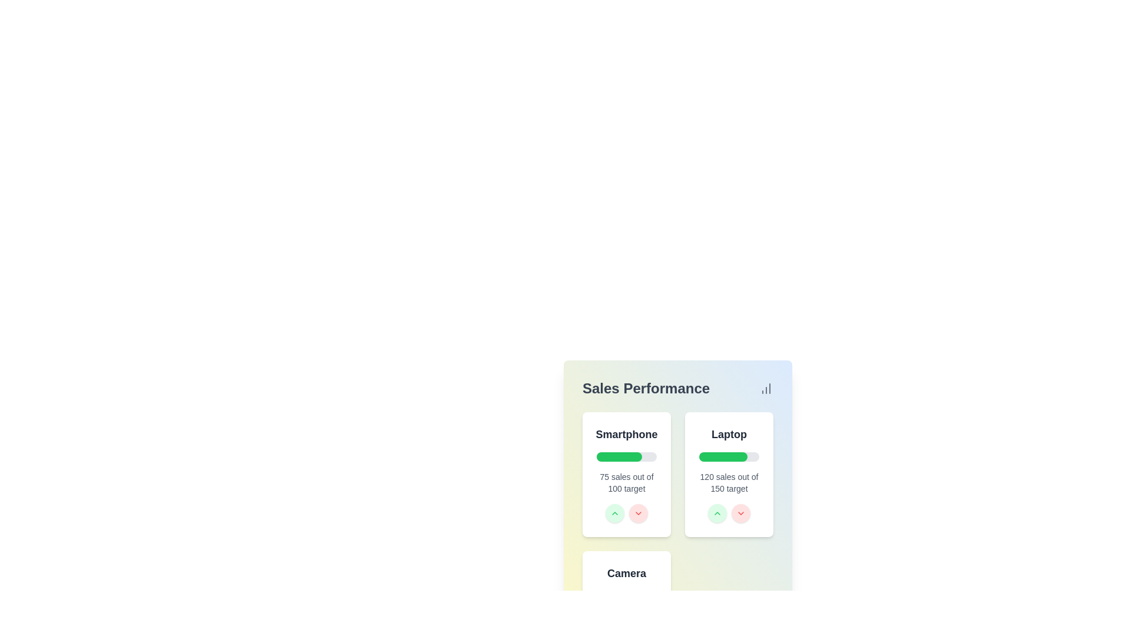 This screenshot has width=1131, height=636. Describe the element at coordinates (626, 483) in the screenshot. I see `the descriptive text label indicating that 75 out of 100 units of the Smartphone have been sold` at that location.